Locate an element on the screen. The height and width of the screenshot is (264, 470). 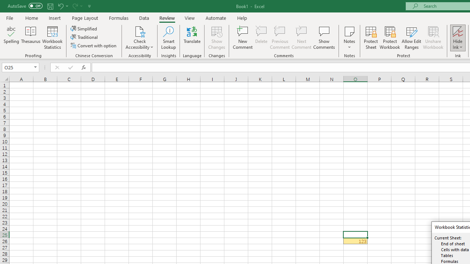
'Thesaurus...' is located at coordinates (30, 38).